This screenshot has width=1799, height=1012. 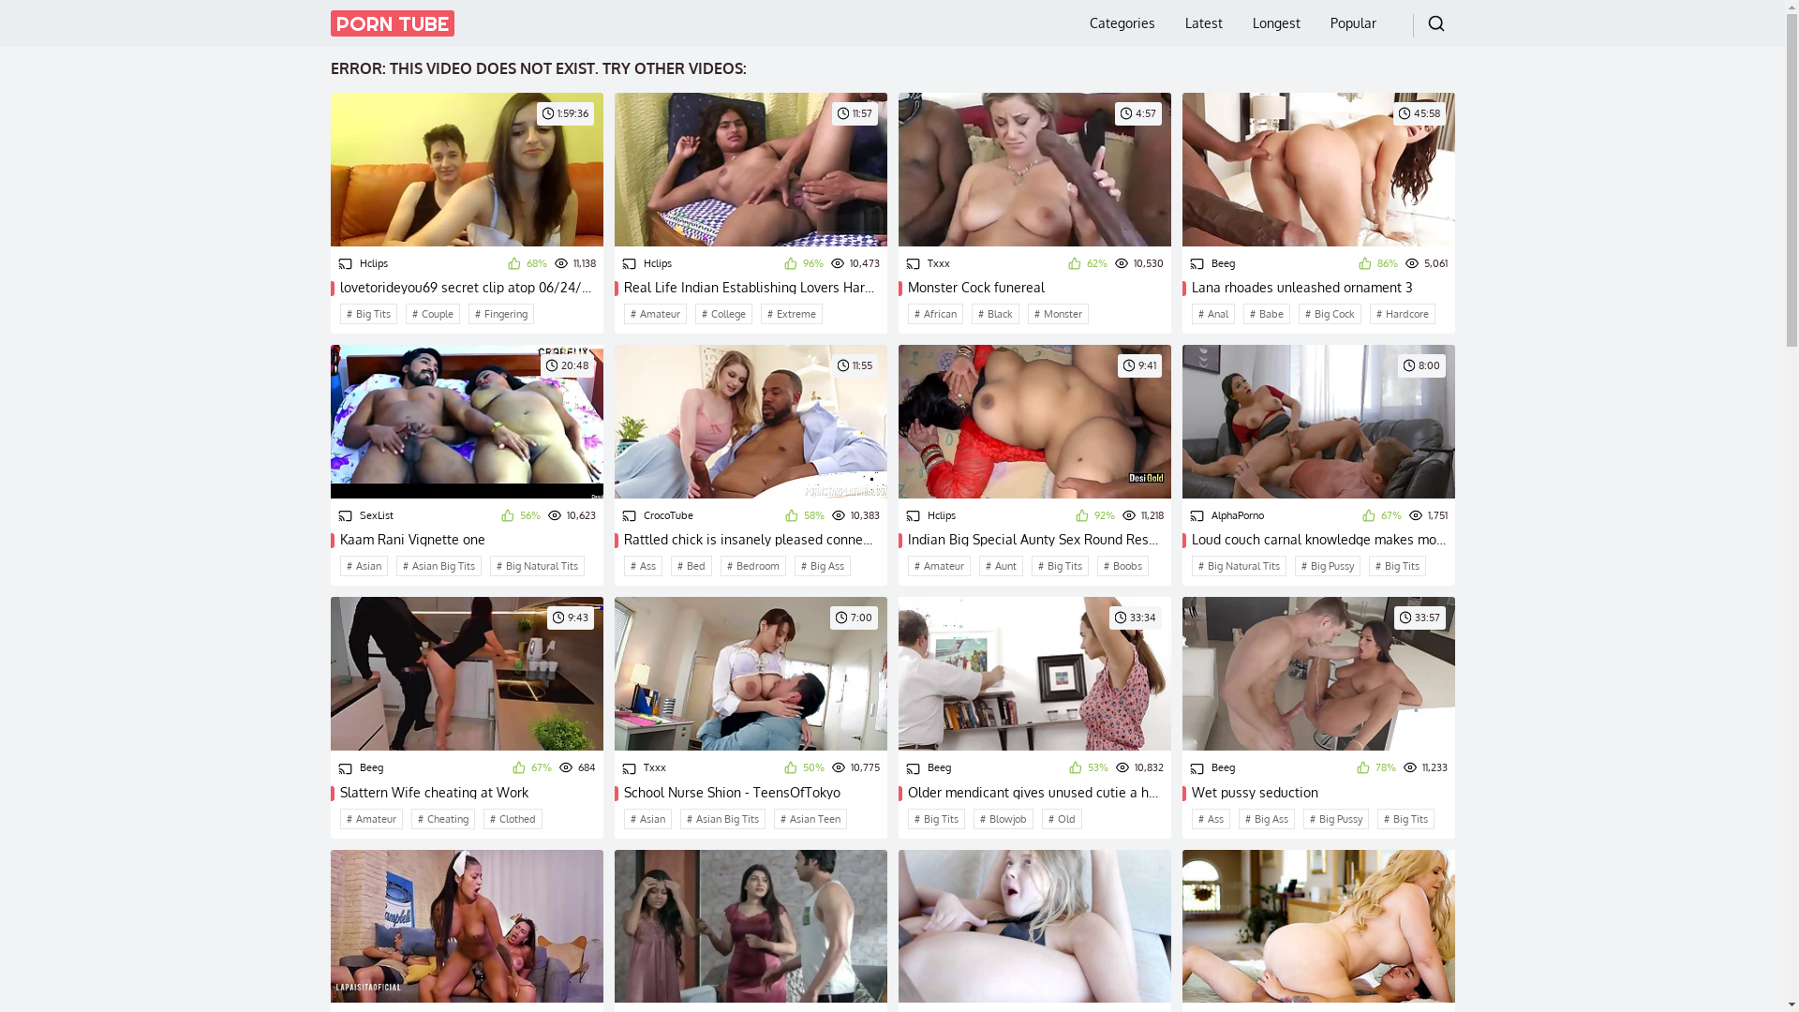 What do you see at coordinates (1202, 22) in the screenshot?
I see `'Latest'` at bounding box center [1202, 22].